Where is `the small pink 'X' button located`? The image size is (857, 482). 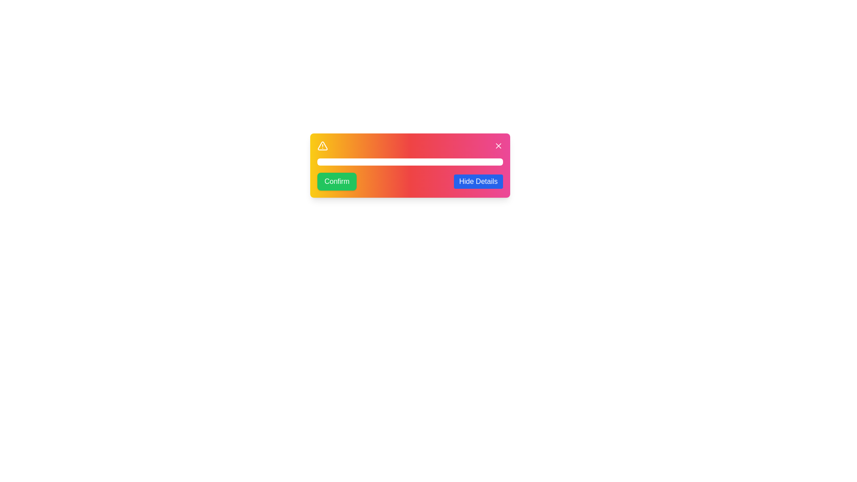 the small pink 'X' button located is located at coordinates (498, 145).